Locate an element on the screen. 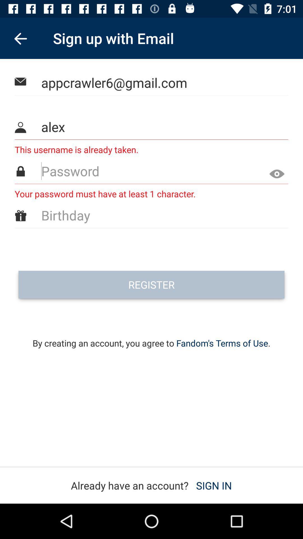  icon below register is located at coordinates (151, 335).